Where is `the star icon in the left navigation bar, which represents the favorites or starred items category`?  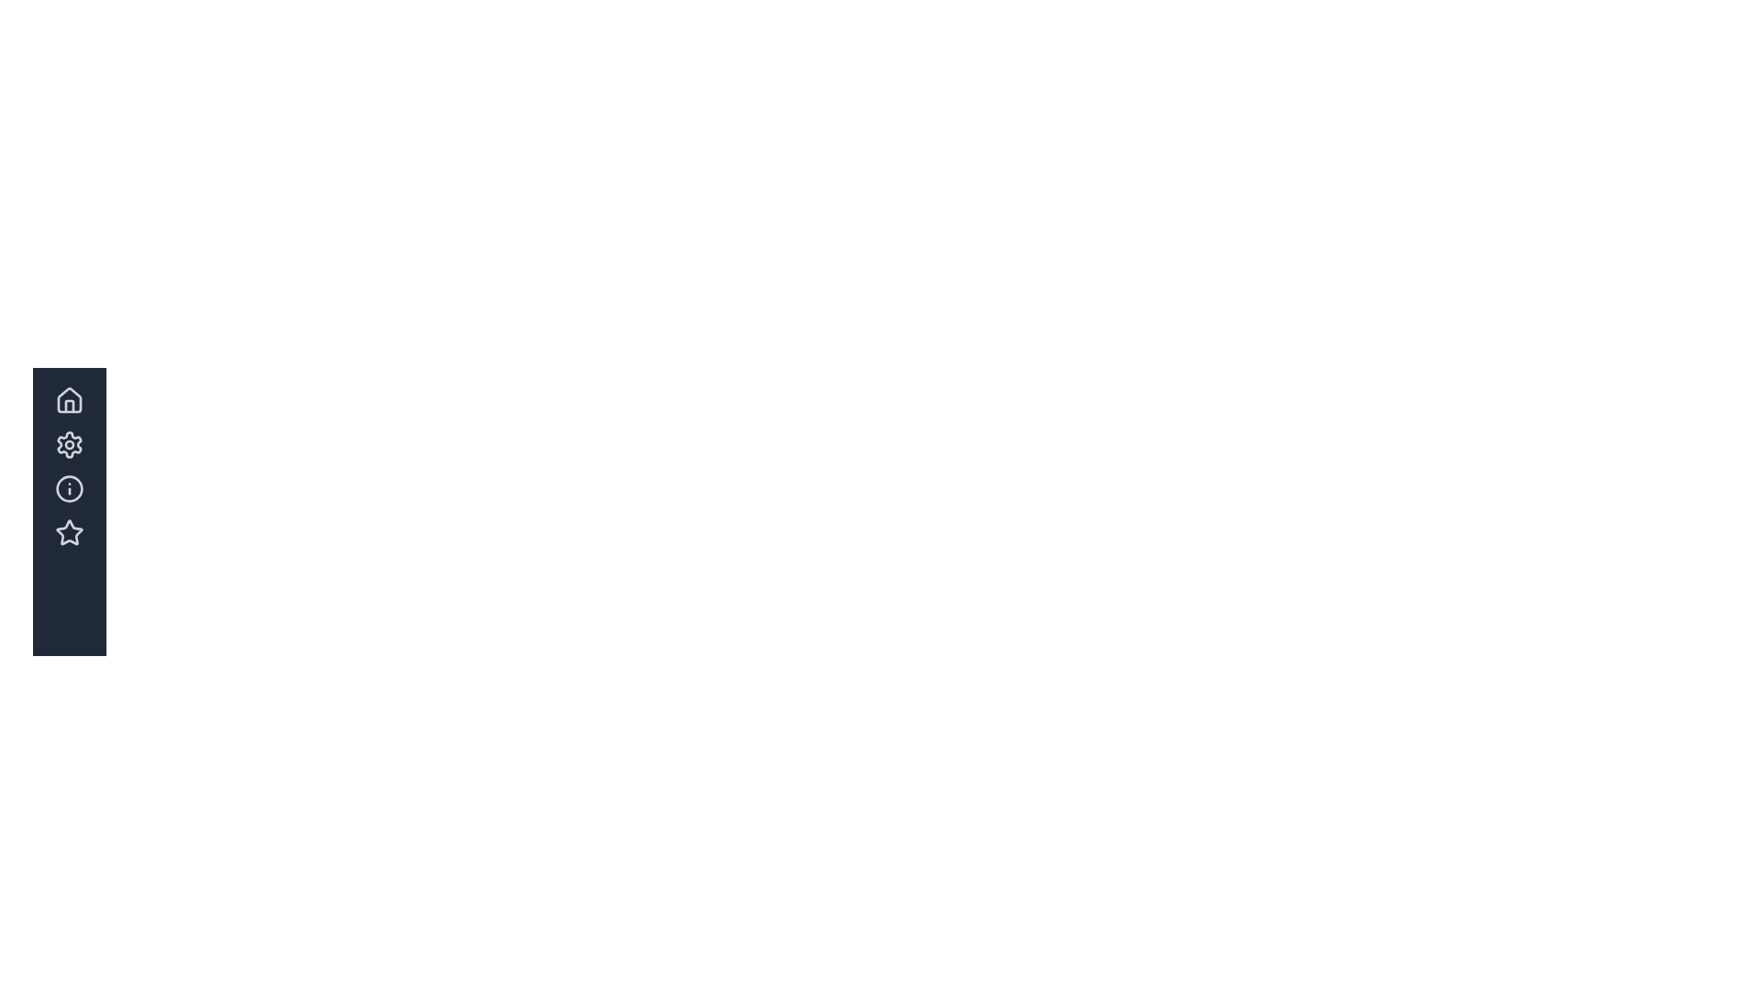
the star icon in the left navigation bar, which represents the favorites or starred items category is located at coordinates (70, 533).